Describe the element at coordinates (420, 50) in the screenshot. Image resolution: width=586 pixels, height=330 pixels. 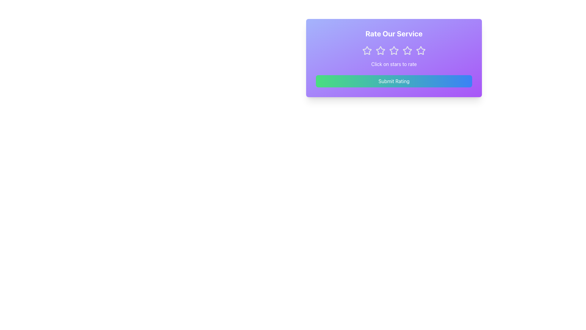
I see `the fifth star icon in the interactive rating system` at that location.